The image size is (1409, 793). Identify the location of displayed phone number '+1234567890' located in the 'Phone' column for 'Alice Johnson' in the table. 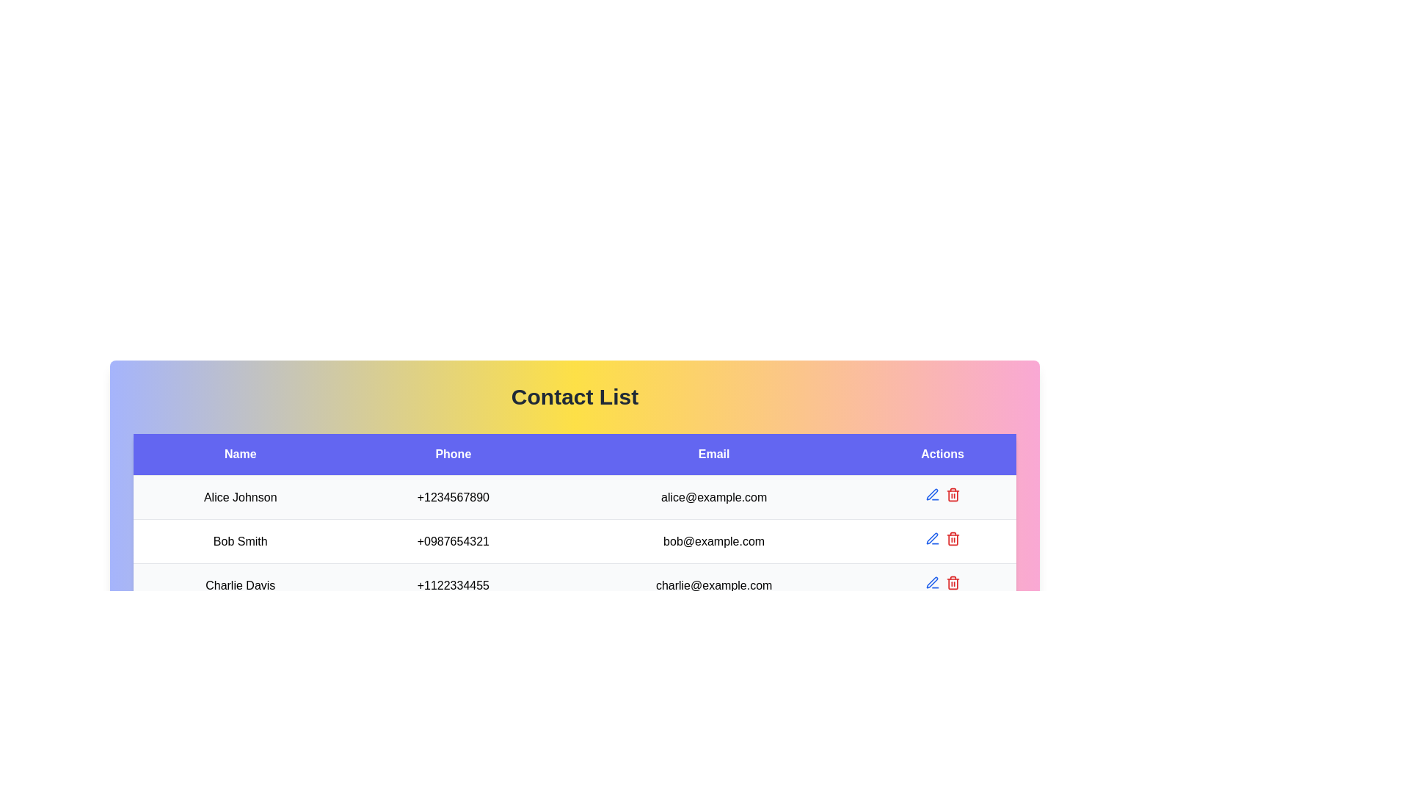
(452, 496).